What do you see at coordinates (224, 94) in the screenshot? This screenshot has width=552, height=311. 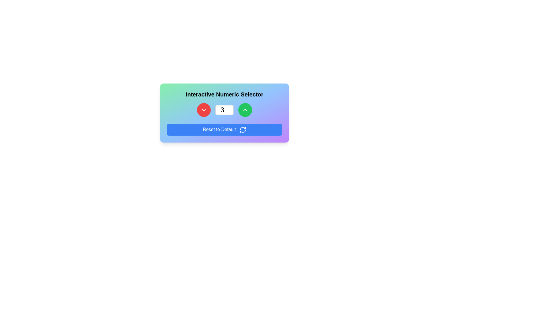 I see `the title text element that provides context for the interactive section below it` at bounding box center [224, 94].